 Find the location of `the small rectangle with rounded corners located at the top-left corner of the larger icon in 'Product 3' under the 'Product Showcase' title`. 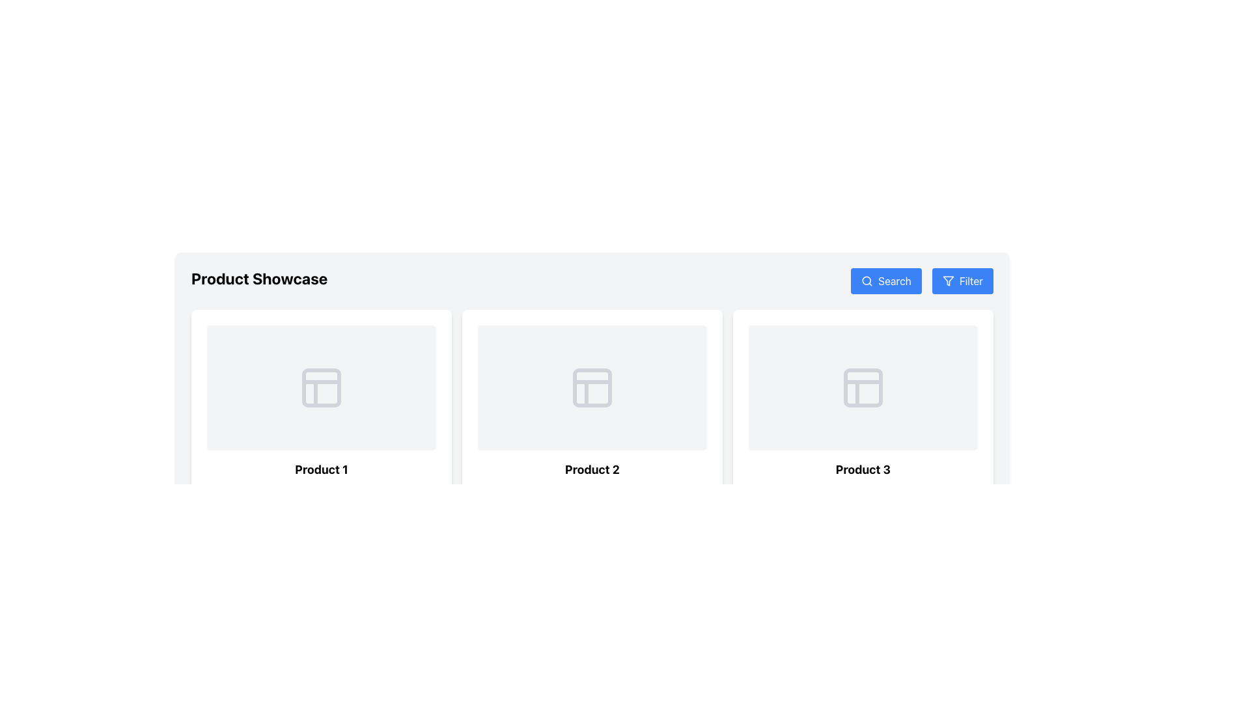

the small rectangle with rounded corners located at the top-left corner of the larger icon in 'Product 3' under the 'Product Showcase' title is located at coordinates (863, 387).